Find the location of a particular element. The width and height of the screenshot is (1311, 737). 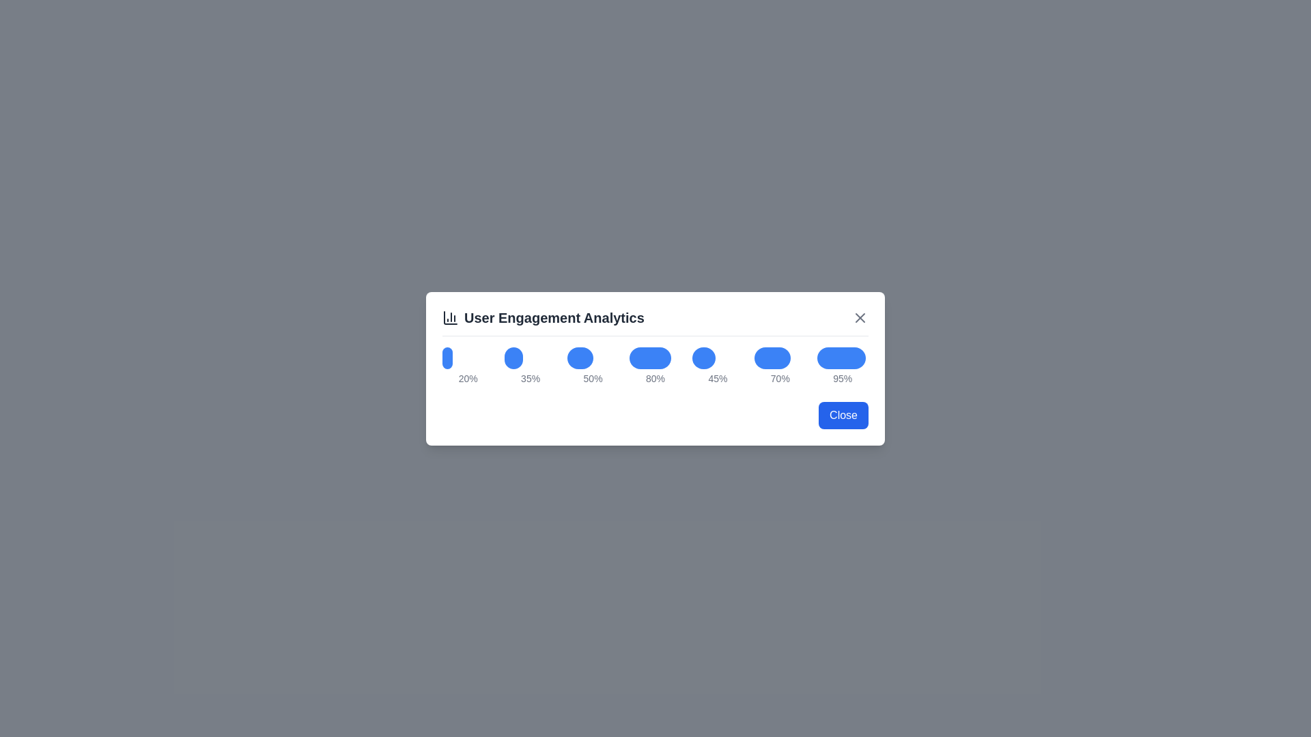

the bar graph corresponding to the percentage 50 is located at coordinates (580, 357).